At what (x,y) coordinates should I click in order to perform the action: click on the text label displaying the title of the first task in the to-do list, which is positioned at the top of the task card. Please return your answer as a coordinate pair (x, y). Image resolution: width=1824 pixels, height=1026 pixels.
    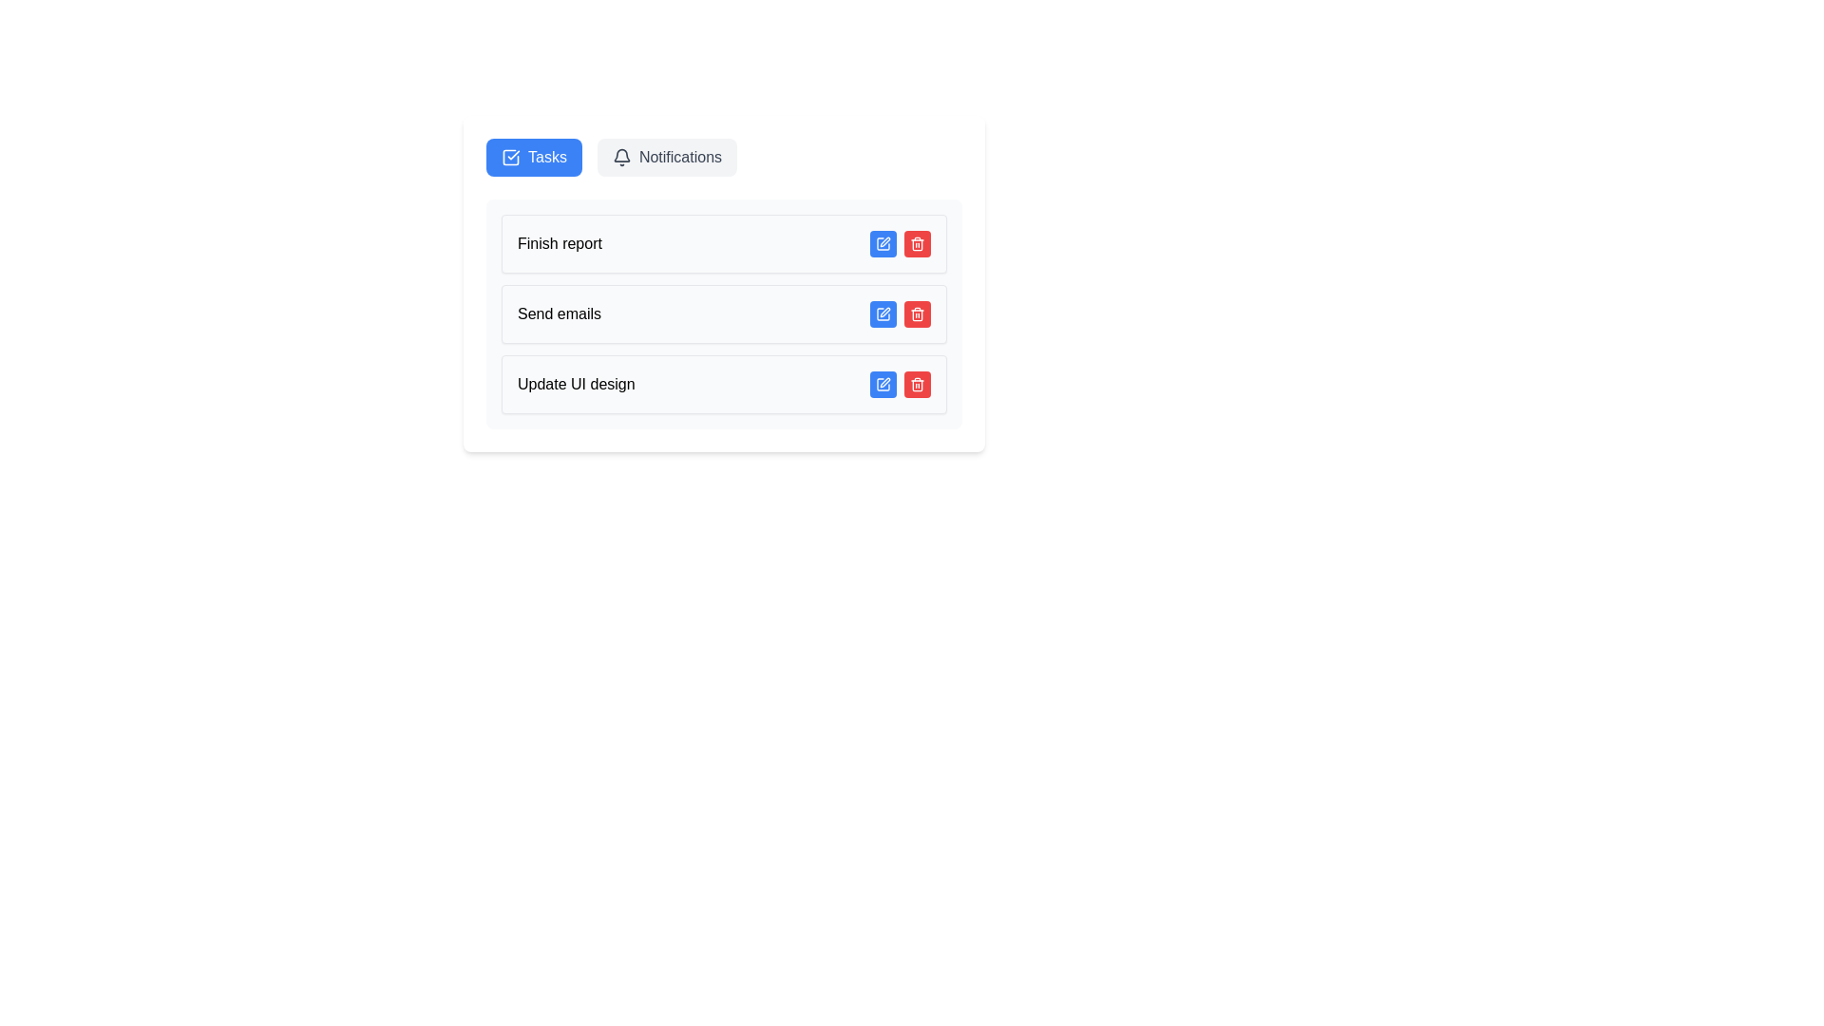
    Looking at the image, I should click on (559, 243).